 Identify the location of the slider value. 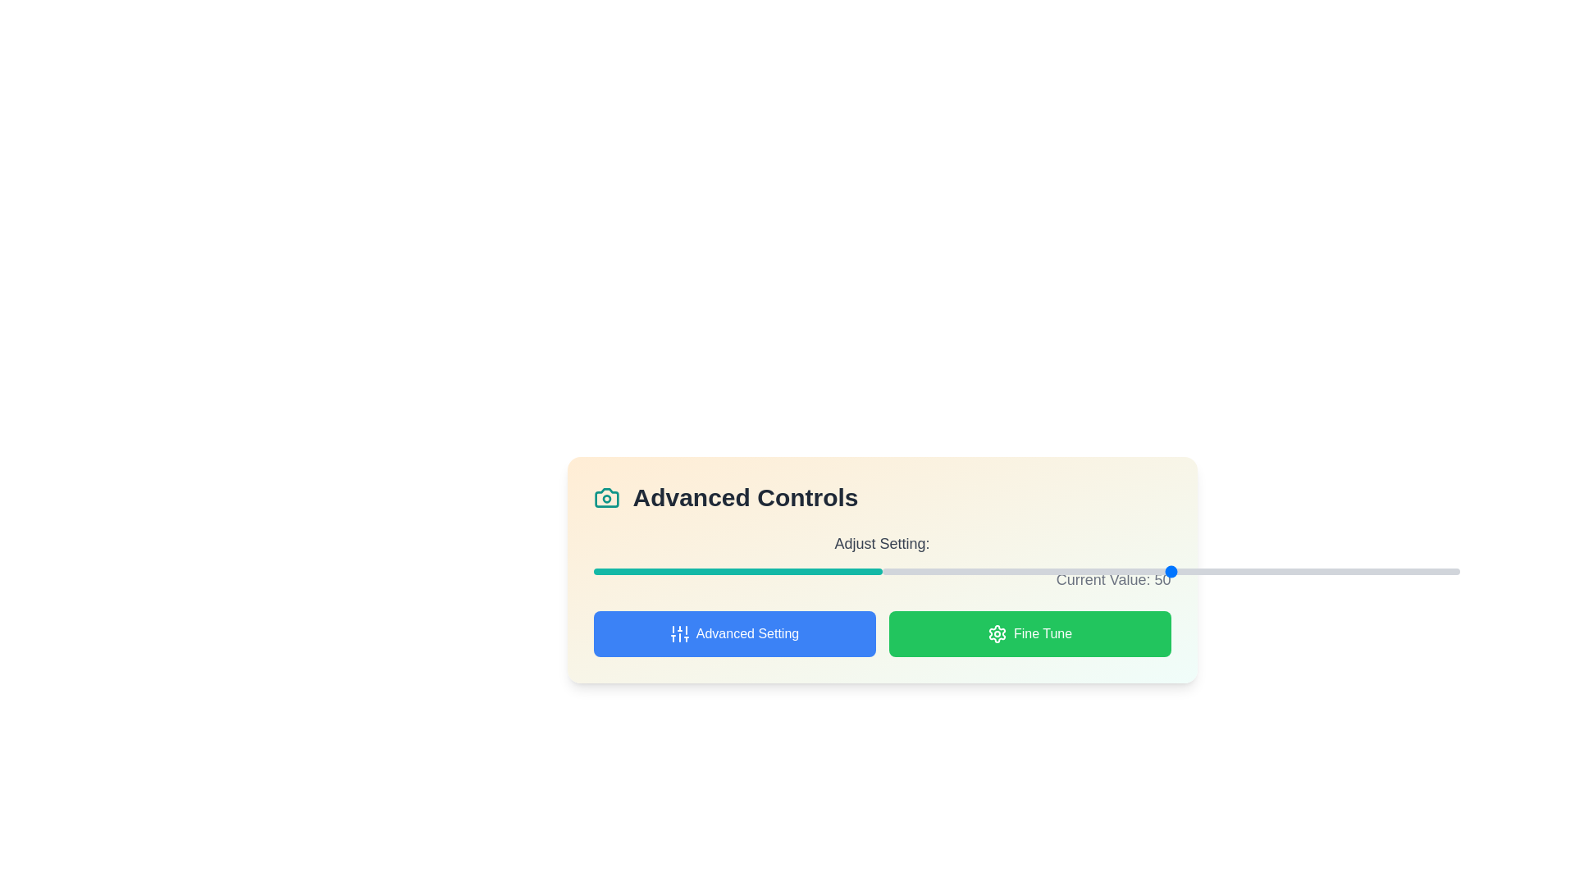
(1025, 571).